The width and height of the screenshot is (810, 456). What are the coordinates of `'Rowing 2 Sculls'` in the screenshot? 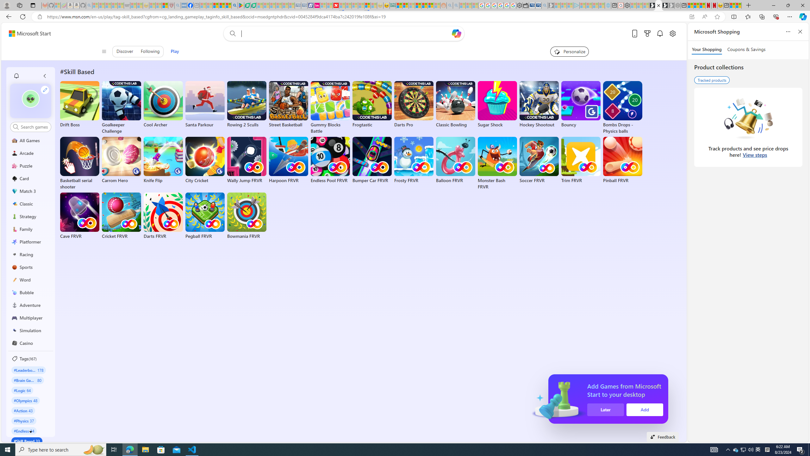 It's located at (246, 104).